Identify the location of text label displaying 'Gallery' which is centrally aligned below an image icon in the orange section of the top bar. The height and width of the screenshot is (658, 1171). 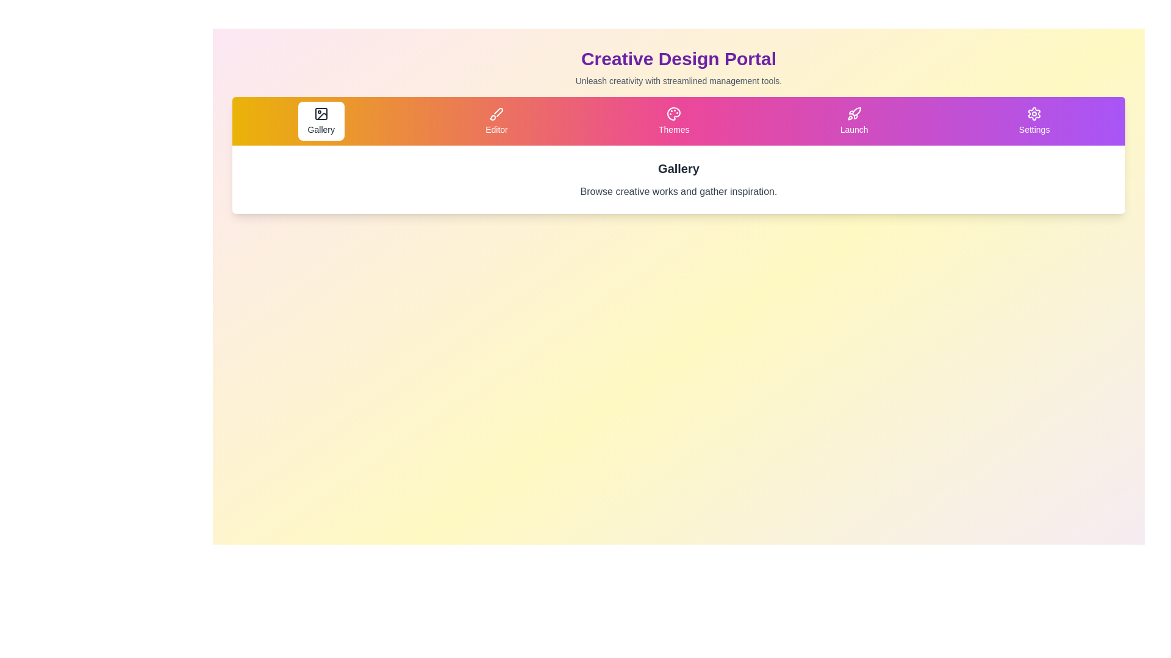
(321, 129).